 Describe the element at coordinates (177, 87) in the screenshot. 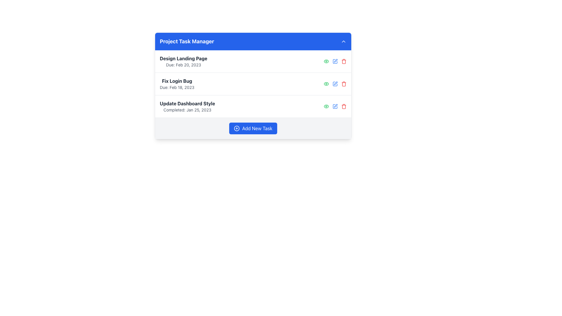

I see `the static text label displaying 'Due: Feb 18, 2023', which is positioned below the bold text 'Fix Login Bug'` at that location.